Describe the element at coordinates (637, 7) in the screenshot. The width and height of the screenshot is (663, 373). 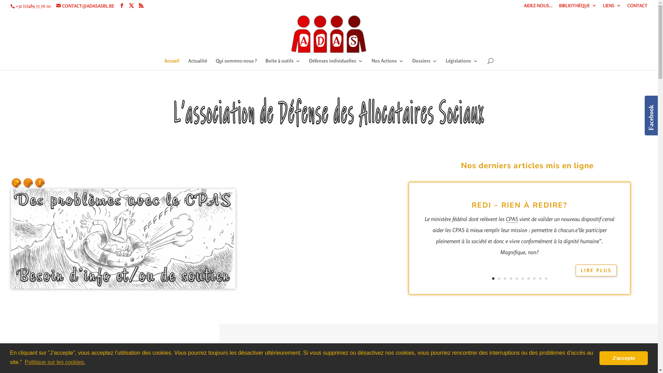
I see `'CONTACT'` at that location.